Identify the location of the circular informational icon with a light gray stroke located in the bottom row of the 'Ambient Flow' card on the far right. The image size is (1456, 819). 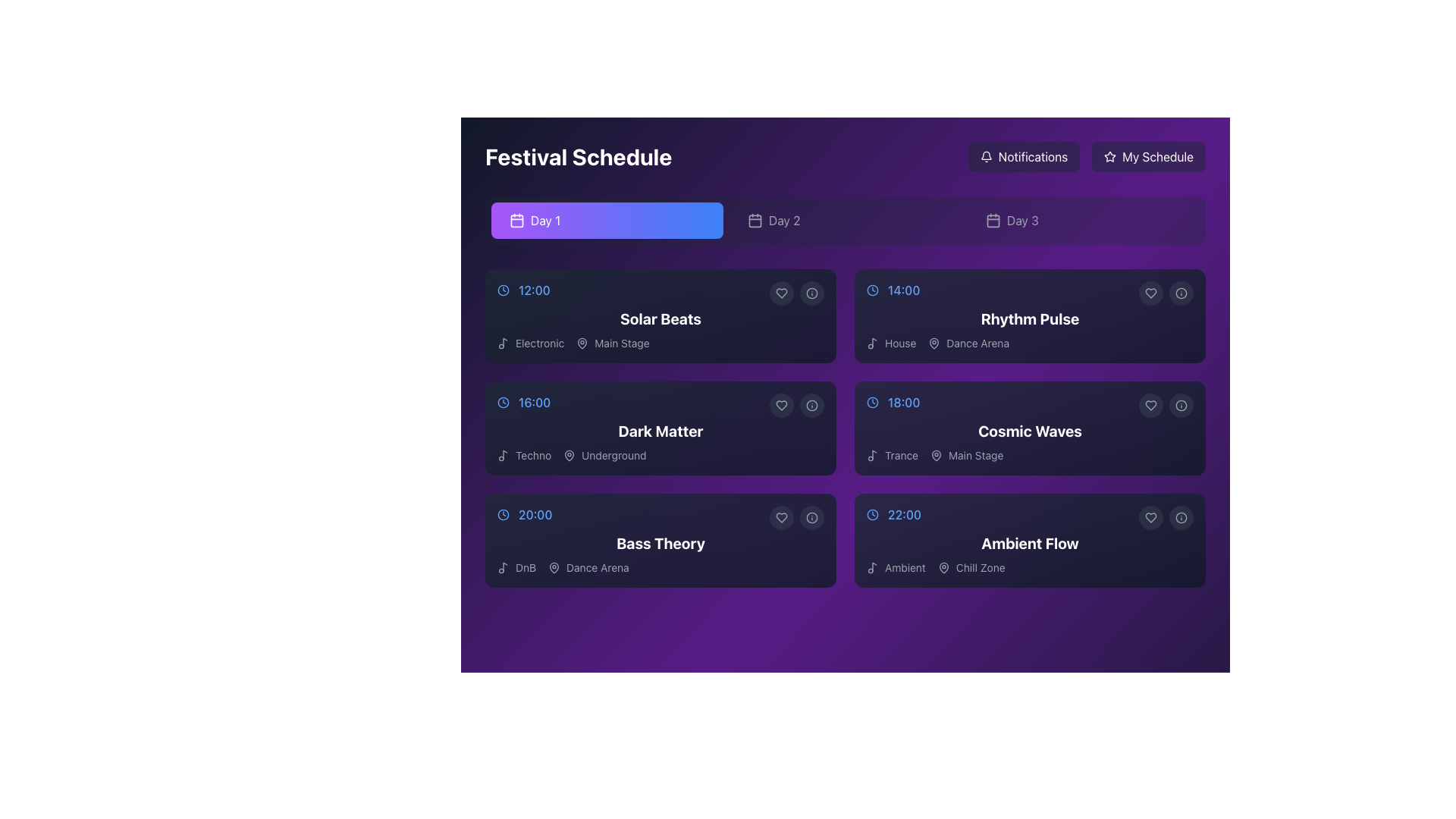
(1181, 516).